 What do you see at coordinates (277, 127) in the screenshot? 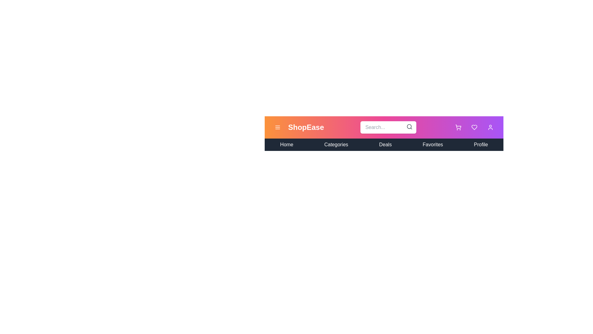
I see `the menu toggle button to toggle the navigation menu` at bounding box center [277, 127].